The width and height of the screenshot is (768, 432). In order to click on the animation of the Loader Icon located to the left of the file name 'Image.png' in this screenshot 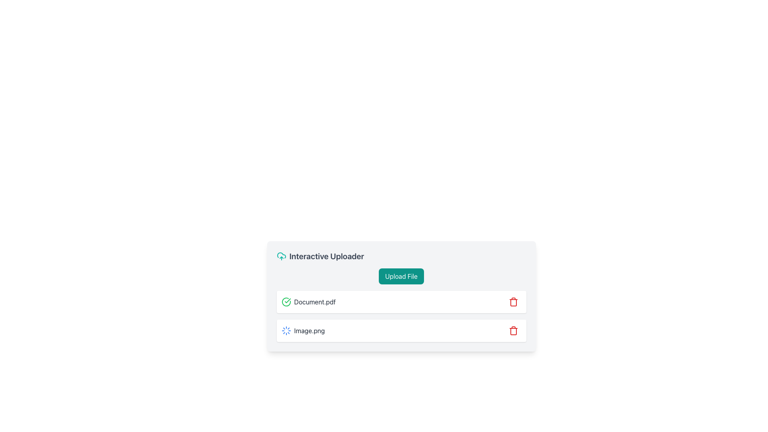, I will do `click(286, 330)`.